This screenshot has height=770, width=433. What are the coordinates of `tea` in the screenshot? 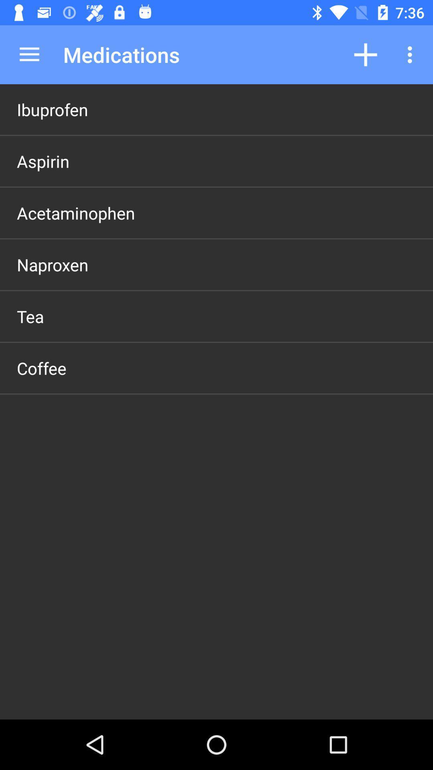 It's located at (30, 316).